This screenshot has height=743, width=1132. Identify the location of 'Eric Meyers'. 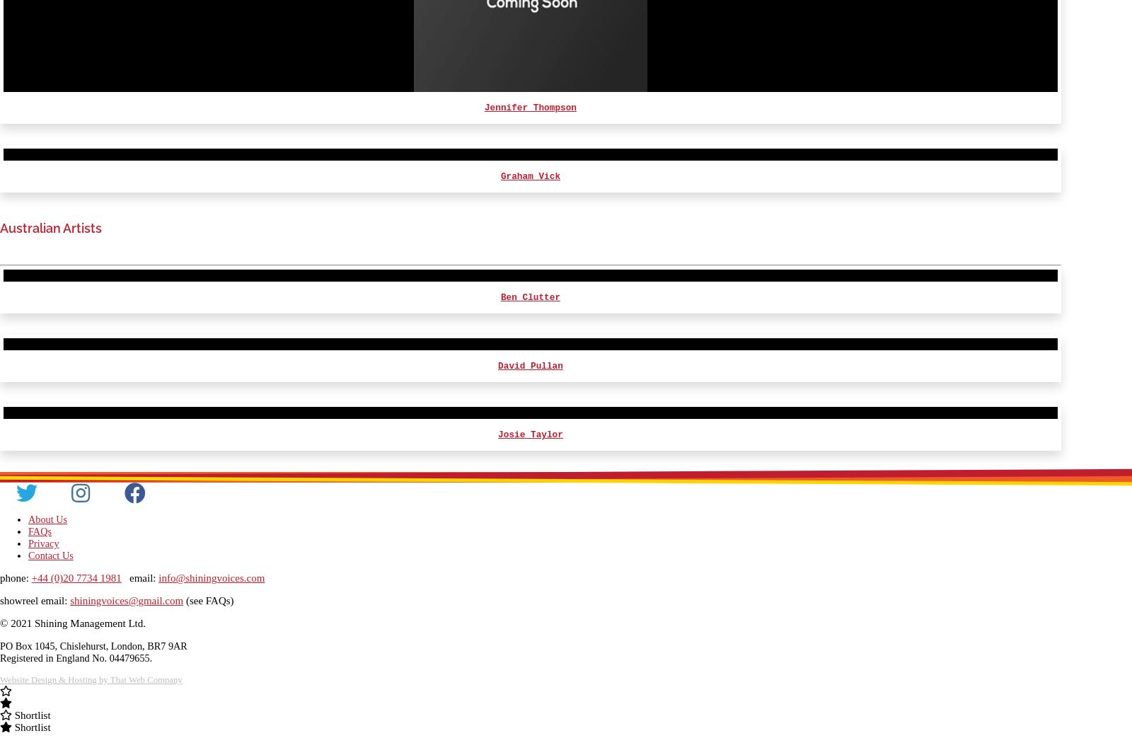
(530, 139).